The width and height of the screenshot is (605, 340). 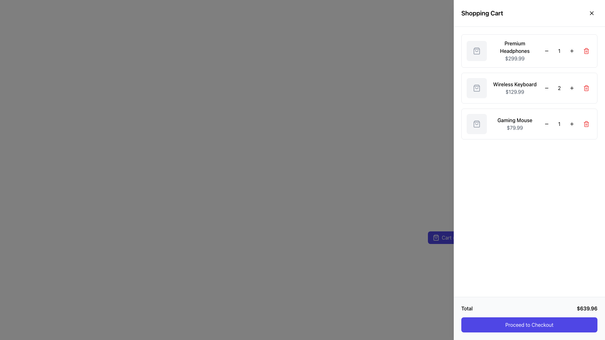 What do you see at coordinates (586, 124) in the screenshot?
I see `the red trash bin icon button` at bounding box center [586, 124].